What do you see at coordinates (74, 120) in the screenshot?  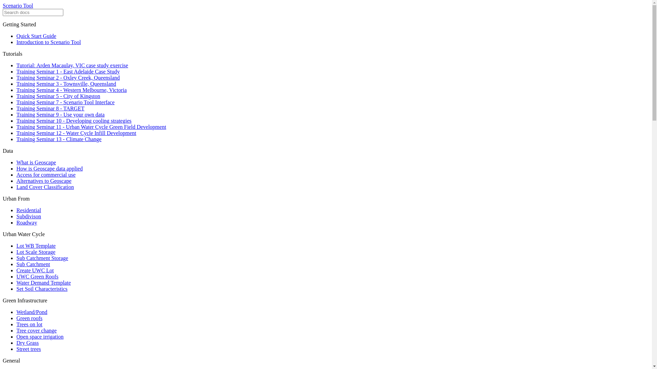 I see `'Training Seminar 10 - Developing cooling strategies'` at bounding box center [74, 120].